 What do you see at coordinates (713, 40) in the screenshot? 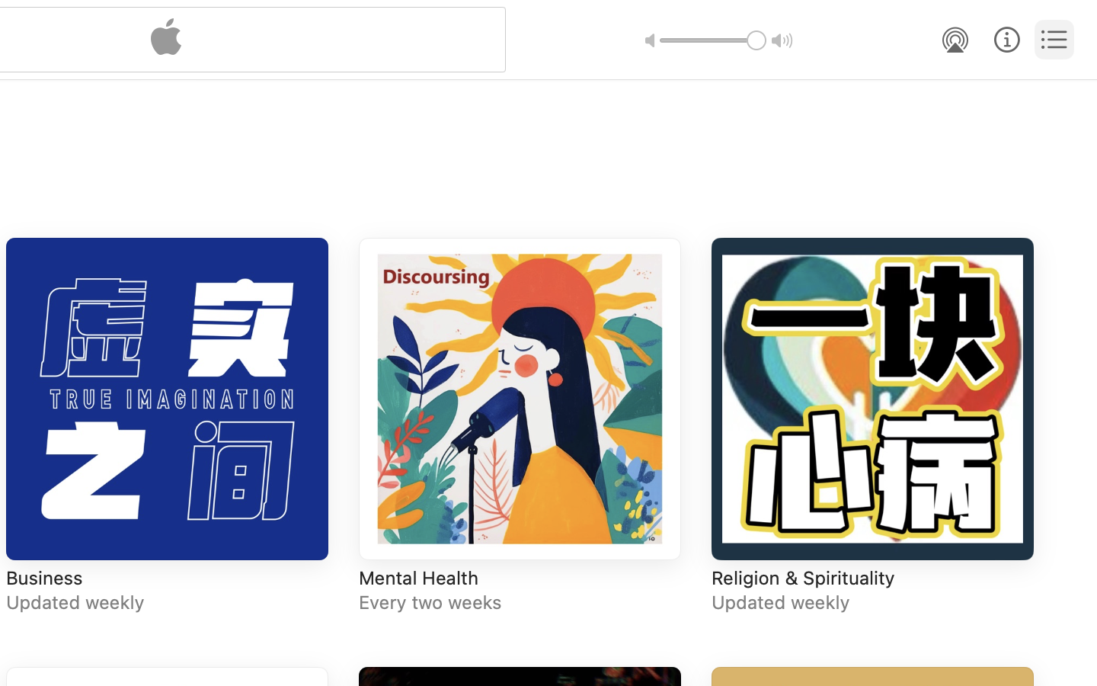
I see `'1.0'` at bounding box center [713, 40].